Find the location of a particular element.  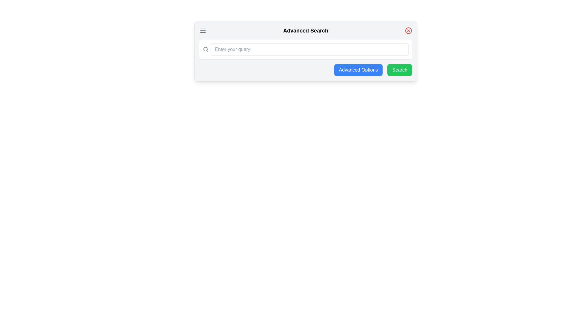

SVG properties of the outermost circle element of the close icon located in the top-right corner above the 'Advanced Search' header is located at coordinates (408, 31).